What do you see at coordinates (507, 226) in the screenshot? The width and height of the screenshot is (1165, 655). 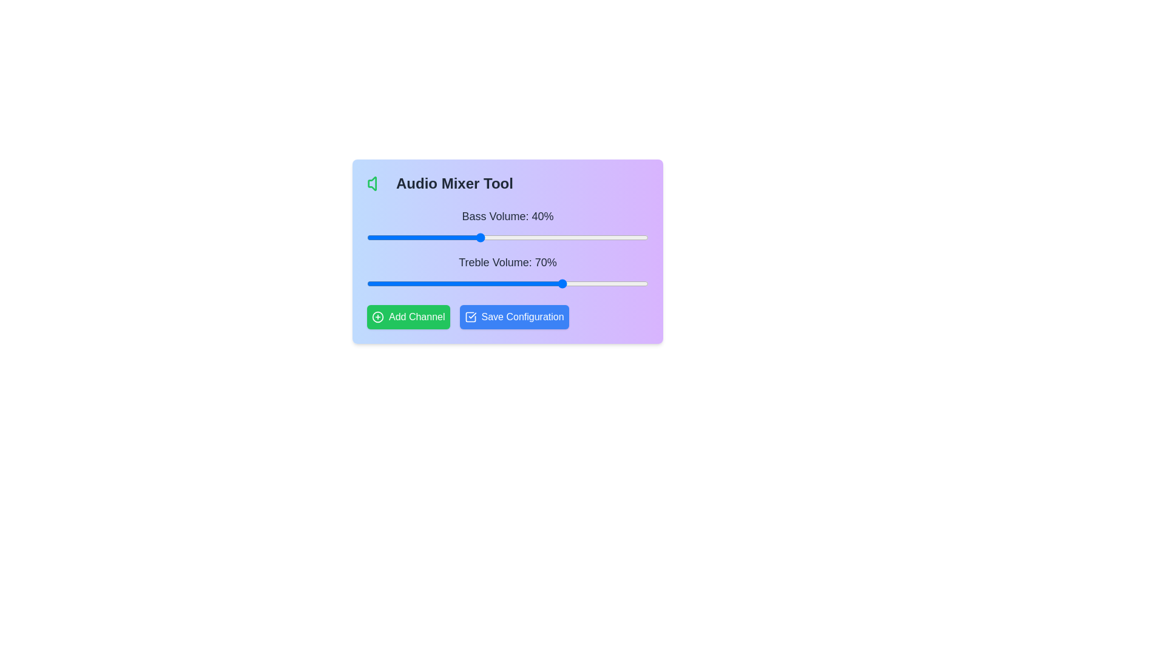 I see `the Volume slider control which is currently set at 40%, located above the Treble Volume slider` at bounding box center [507, 226].